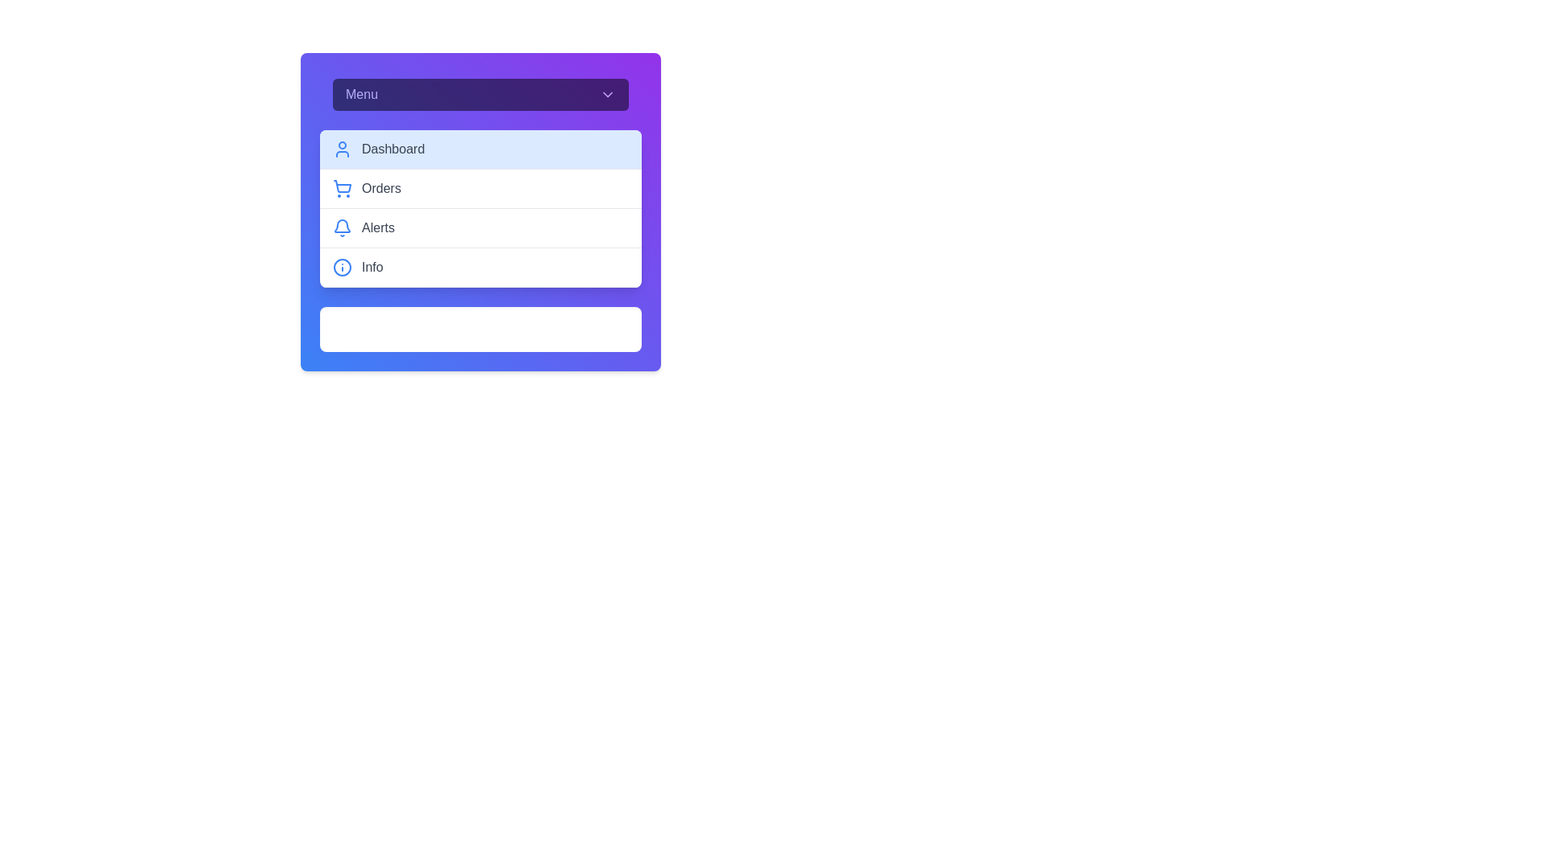 The image size is (1544, 868). Describe the element at coordinates (377, 228) in the screenshot. I see `the 'Alerts' text label in the vertical menu, which is positioned on the third row, right of the bell icon, above 'Info' and below 'Orders'` at that location.